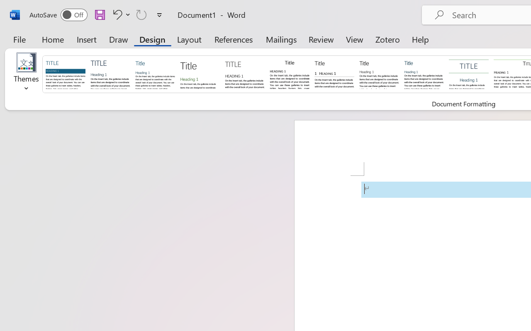 The width and height of the screenshot is (531, 331). I want to click on 'Undo Apply Quick Style', so click(116, 14).